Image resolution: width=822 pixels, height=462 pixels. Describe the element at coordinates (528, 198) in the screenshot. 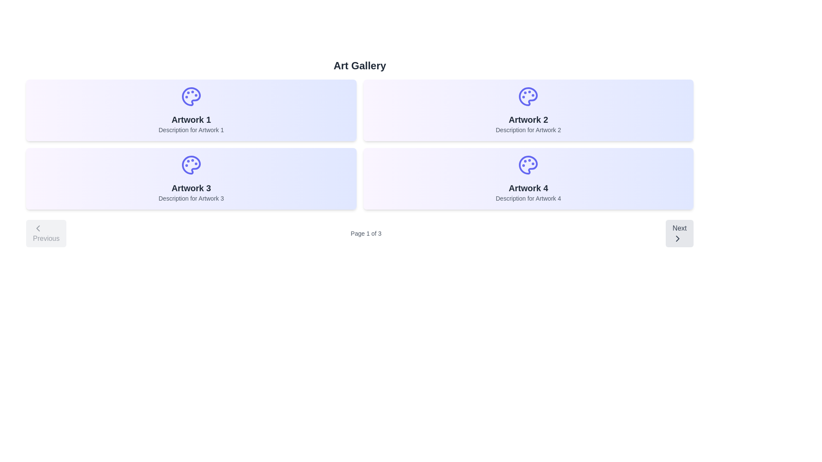

I see `the text label displaying 'Description for Artwork 4' located below the header 'Artwork 4' in the bottom-right card of the artwork grid` at that location.